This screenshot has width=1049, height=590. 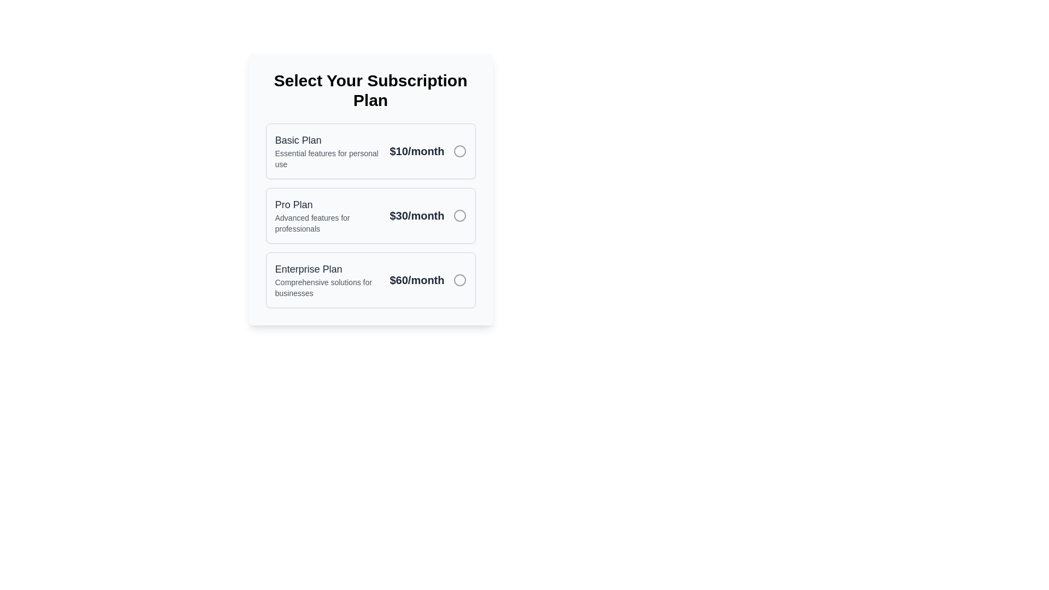 What do you see at coordinates (327, 287) in the screenshot?
I see `the text label displaying 'Comprehensive solutions for businesses', which is styled in light gray and located beneath the 'Enterprise Plan' header` at bounding box center [327, 287].